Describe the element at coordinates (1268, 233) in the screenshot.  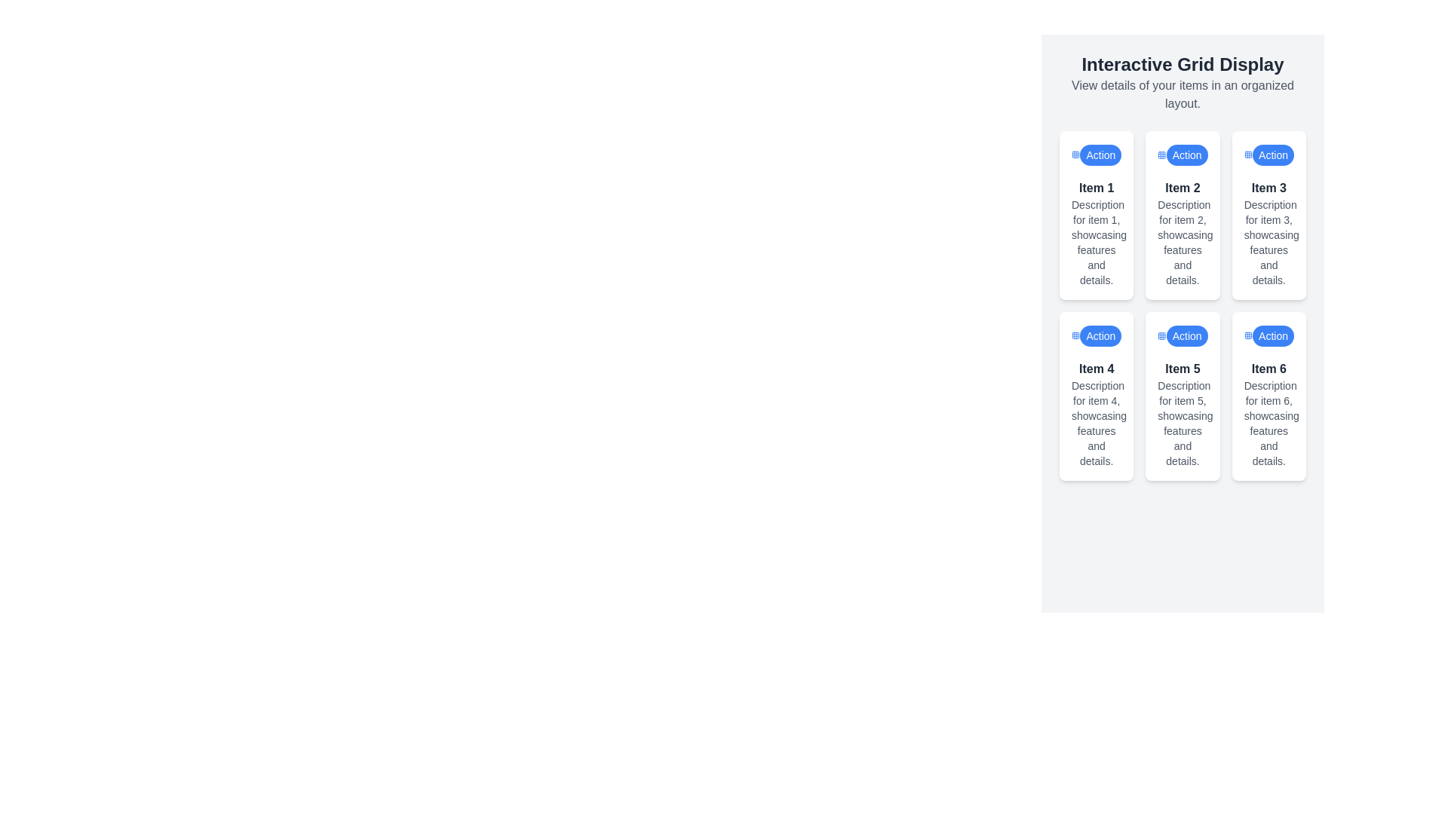
I see `the Text block that provides a title and description for 'Item 3', located in the third column of the grid layout beneath the 'Action' button` at that location.